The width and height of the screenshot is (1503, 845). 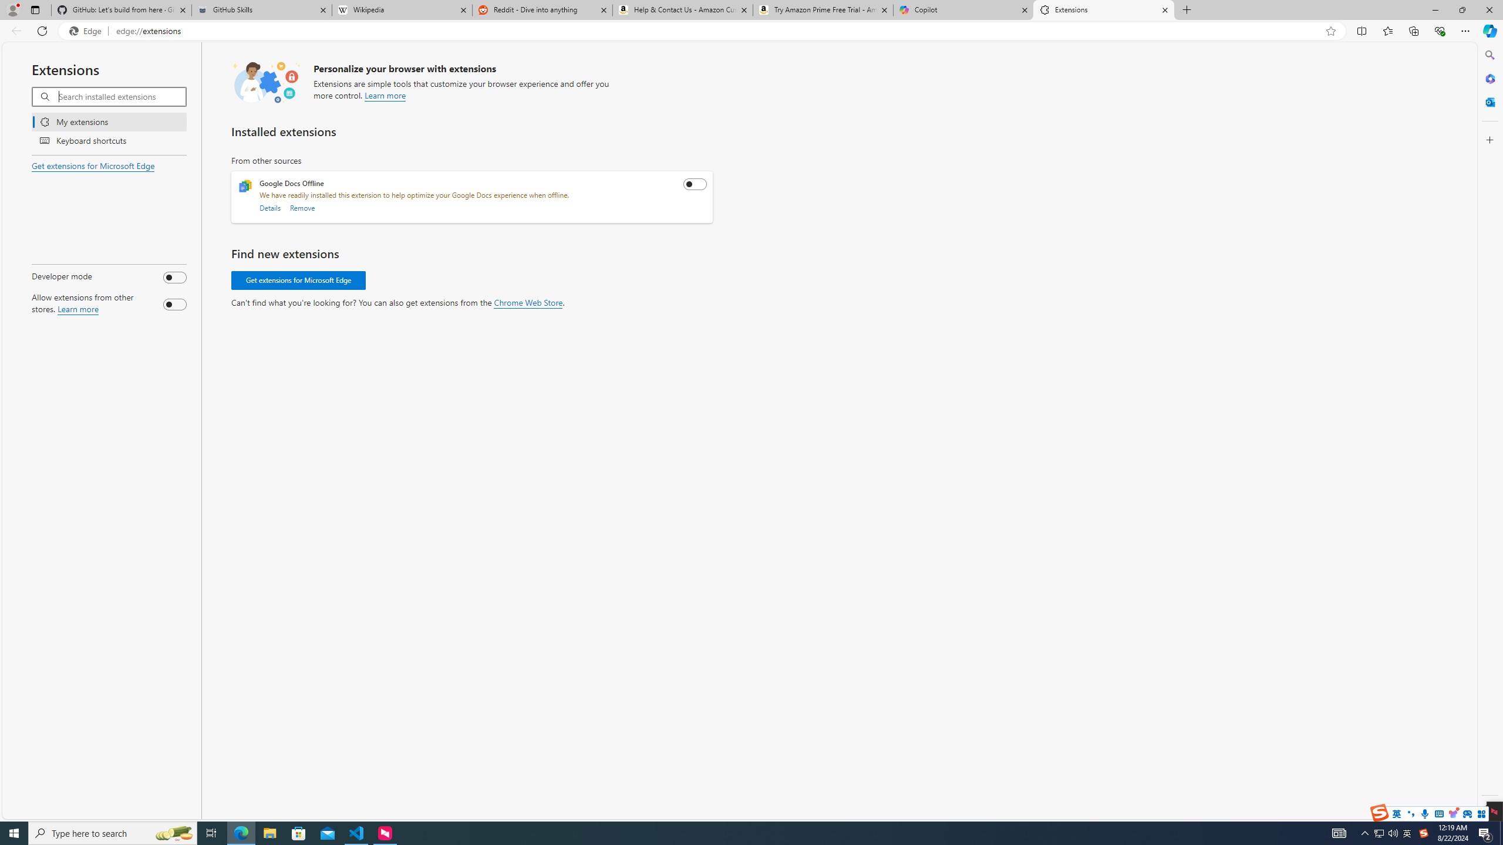 I want to click on 'Get extensions for Microsoft Edge', so click(x=93, y=165).